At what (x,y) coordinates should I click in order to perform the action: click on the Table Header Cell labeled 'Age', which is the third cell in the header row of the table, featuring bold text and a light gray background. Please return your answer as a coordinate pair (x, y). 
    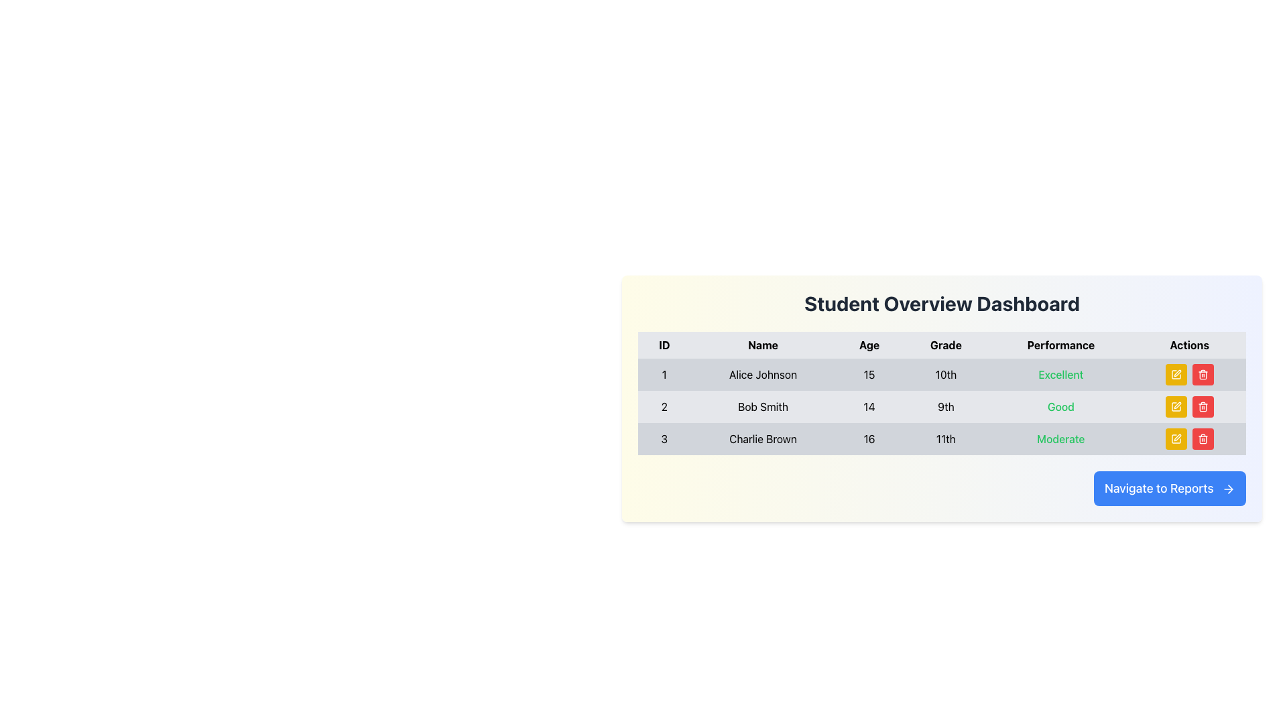
    Looking at the image, I should click on (869, 345).